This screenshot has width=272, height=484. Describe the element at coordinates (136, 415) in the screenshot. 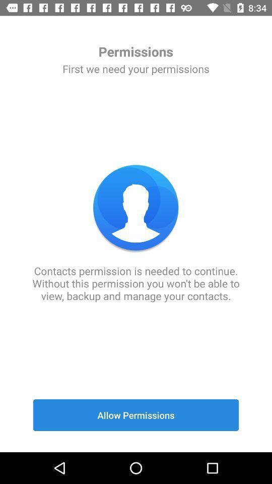

I see `the allow permissions icon` at that location.